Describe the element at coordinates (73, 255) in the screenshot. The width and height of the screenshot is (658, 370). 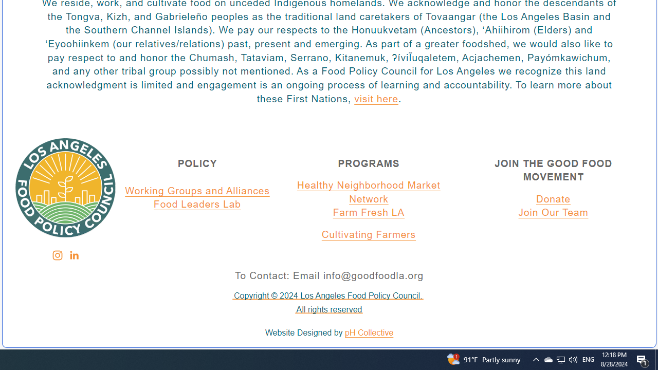
I see `'Class: sqs-svg-icon--social'` at that location.